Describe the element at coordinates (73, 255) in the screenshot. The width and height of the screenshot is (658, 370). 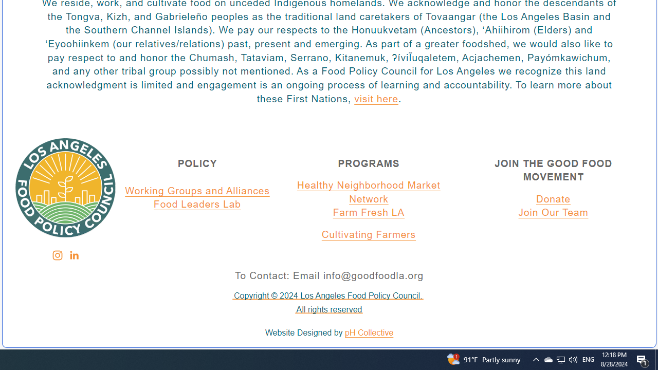
I see `'Class: sqs-svg-icon--social'` at that location.